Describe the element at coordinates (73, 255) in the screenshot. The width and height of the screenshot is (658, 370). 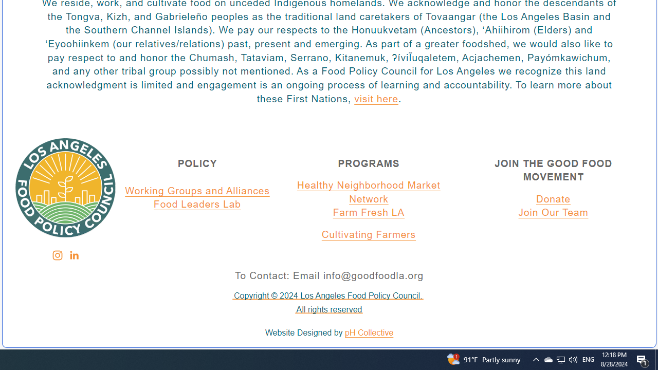
I see `'Class: sqs-svg-icon--social'` at that location.